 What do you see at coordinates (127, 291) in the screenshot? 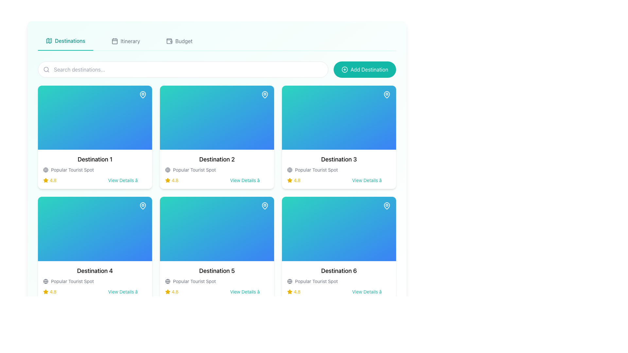
I see `the hyperlink text 'View Details â→' located in the lower section of the card for 'Destination 4'` at bounding box center [127, 291].